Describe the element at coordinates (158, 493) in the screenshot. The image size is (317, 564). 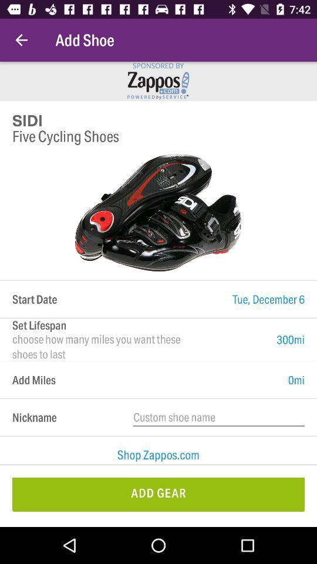
I see `add gear icon` at that location.